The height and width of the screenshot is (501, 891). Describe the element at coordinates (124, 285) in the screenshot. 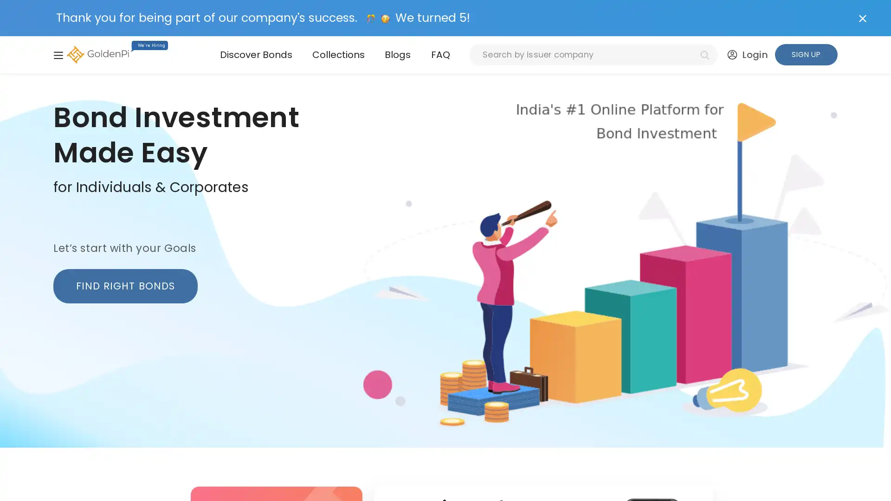

I see `FIND RIGHT BONDS` at that location.